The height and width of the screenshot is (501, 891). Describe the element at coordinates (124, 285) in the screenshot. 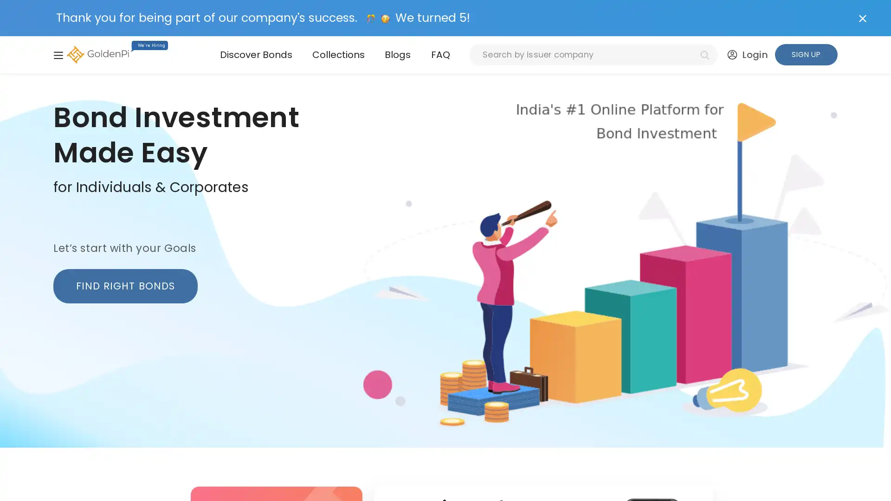

I see `FIND RIGHT BONDS` at that location.